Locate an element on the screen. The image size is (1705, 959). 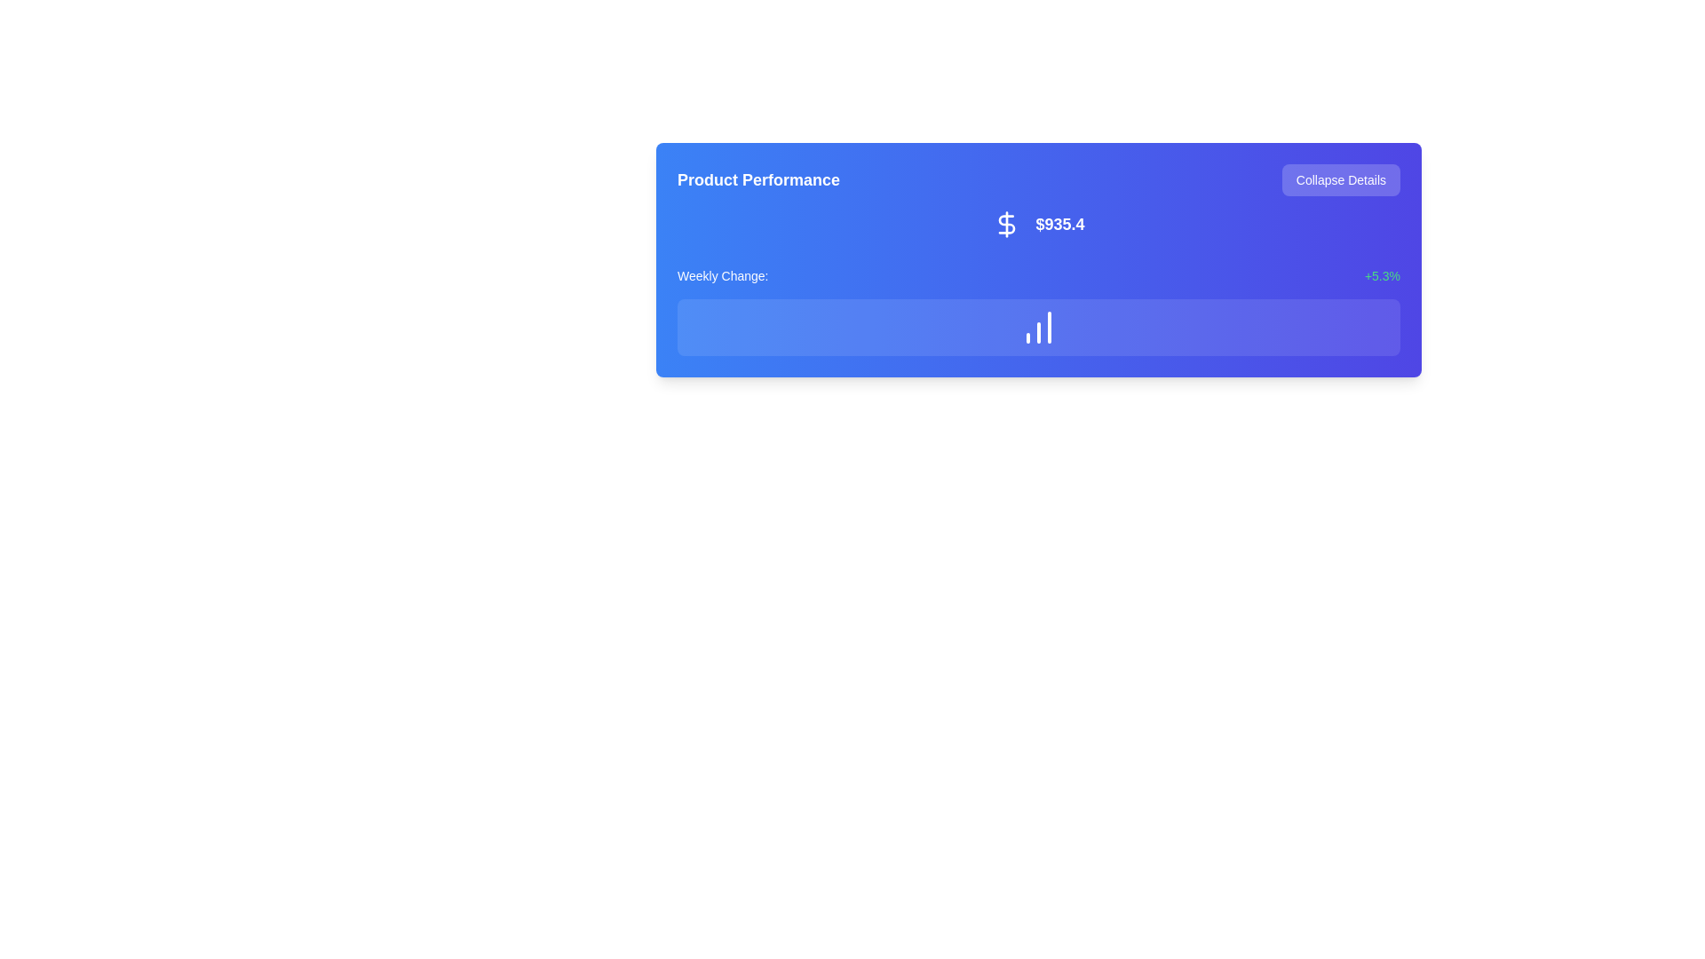
the bar chart icon located within the 'Product Performance' card is located at coordinates (1039, 311).